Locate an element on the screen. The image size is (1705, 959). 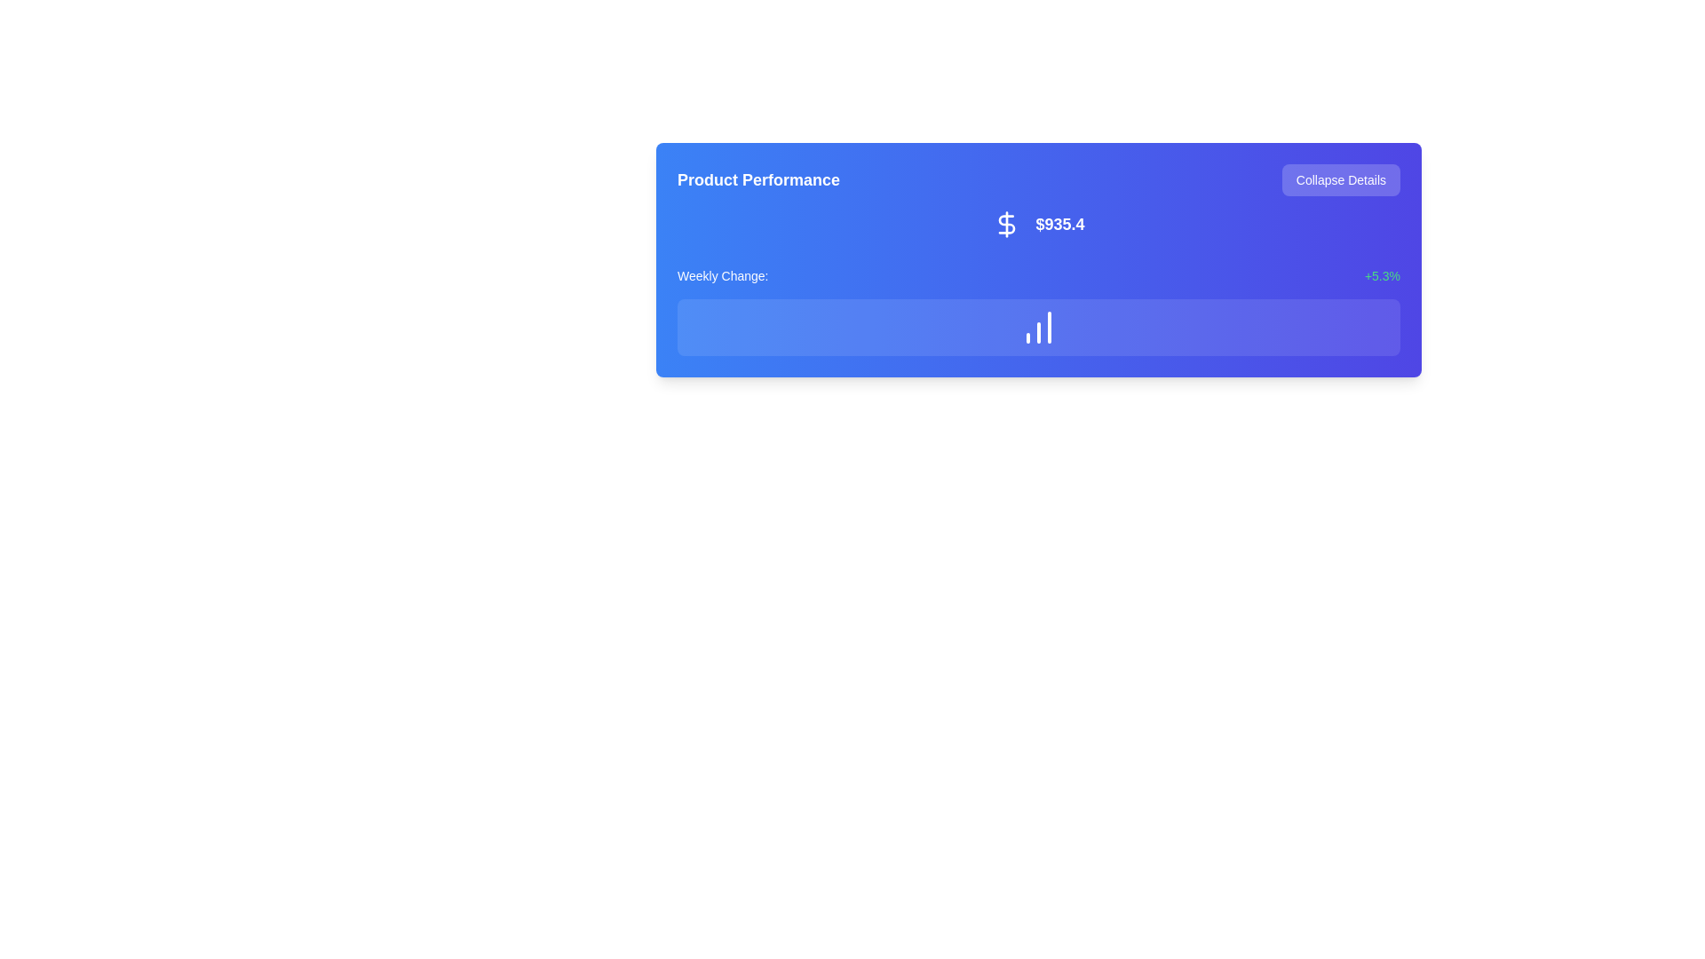
the bar chart icon located within the 'Product Performance' card is located at coordinates (1039, 311).